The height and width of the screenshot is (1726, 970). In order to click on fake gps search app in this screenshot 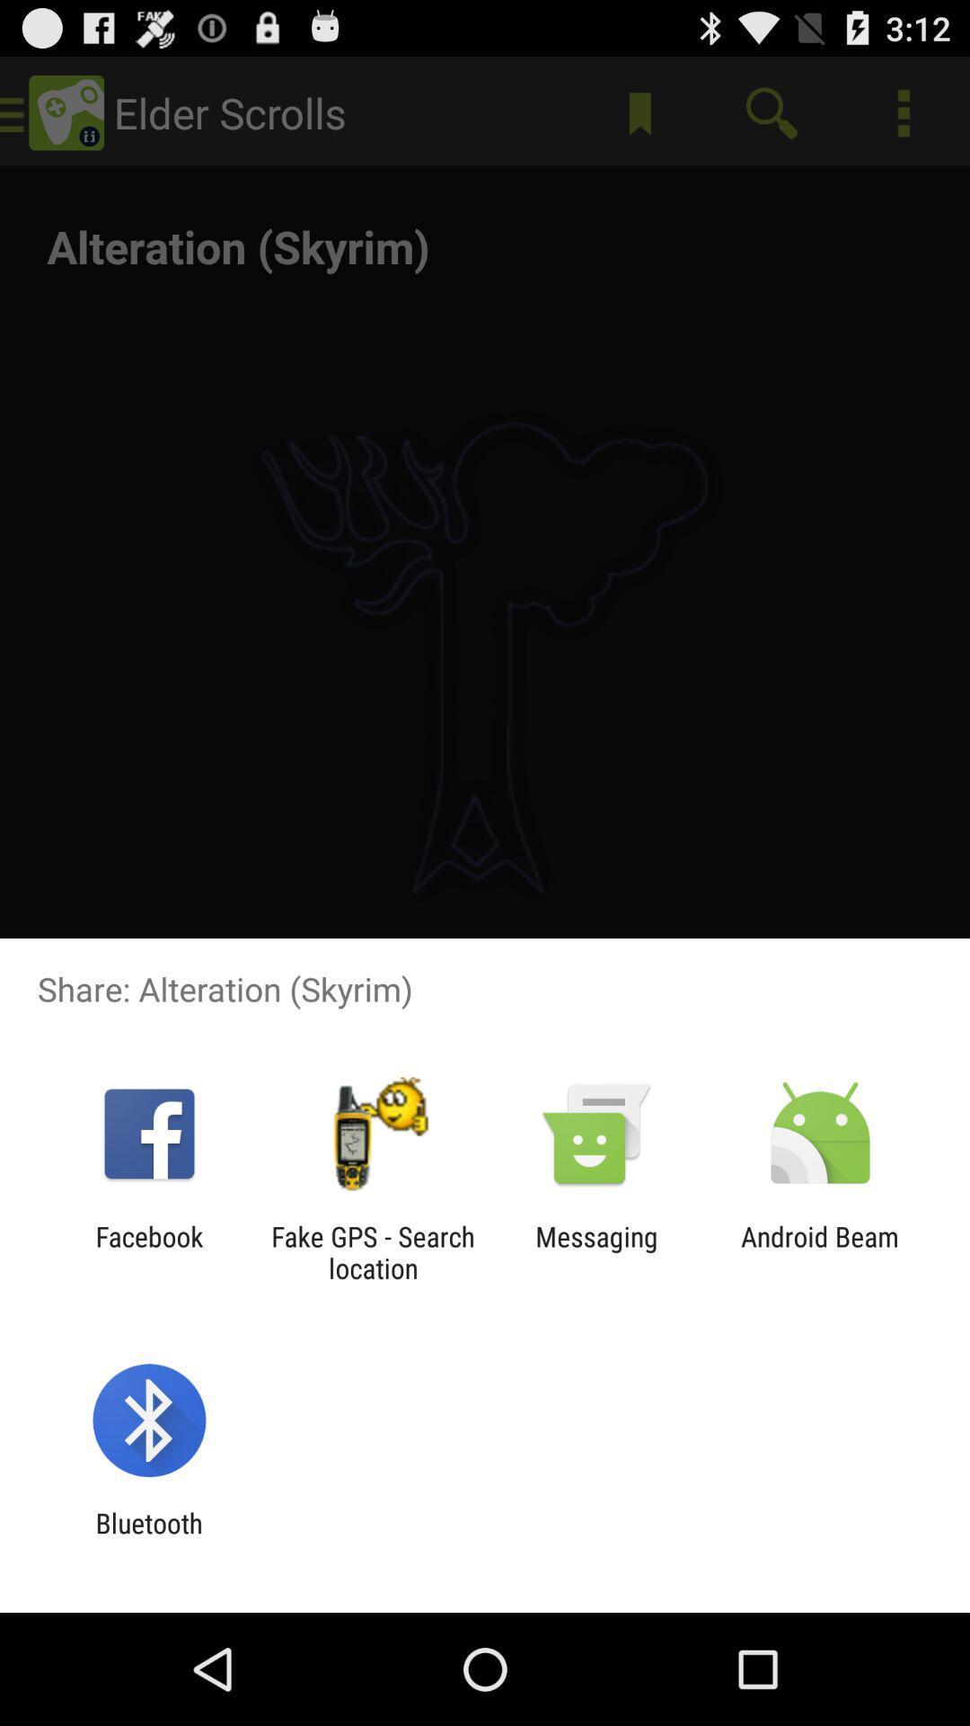, I will do `click(372, 1251)`.